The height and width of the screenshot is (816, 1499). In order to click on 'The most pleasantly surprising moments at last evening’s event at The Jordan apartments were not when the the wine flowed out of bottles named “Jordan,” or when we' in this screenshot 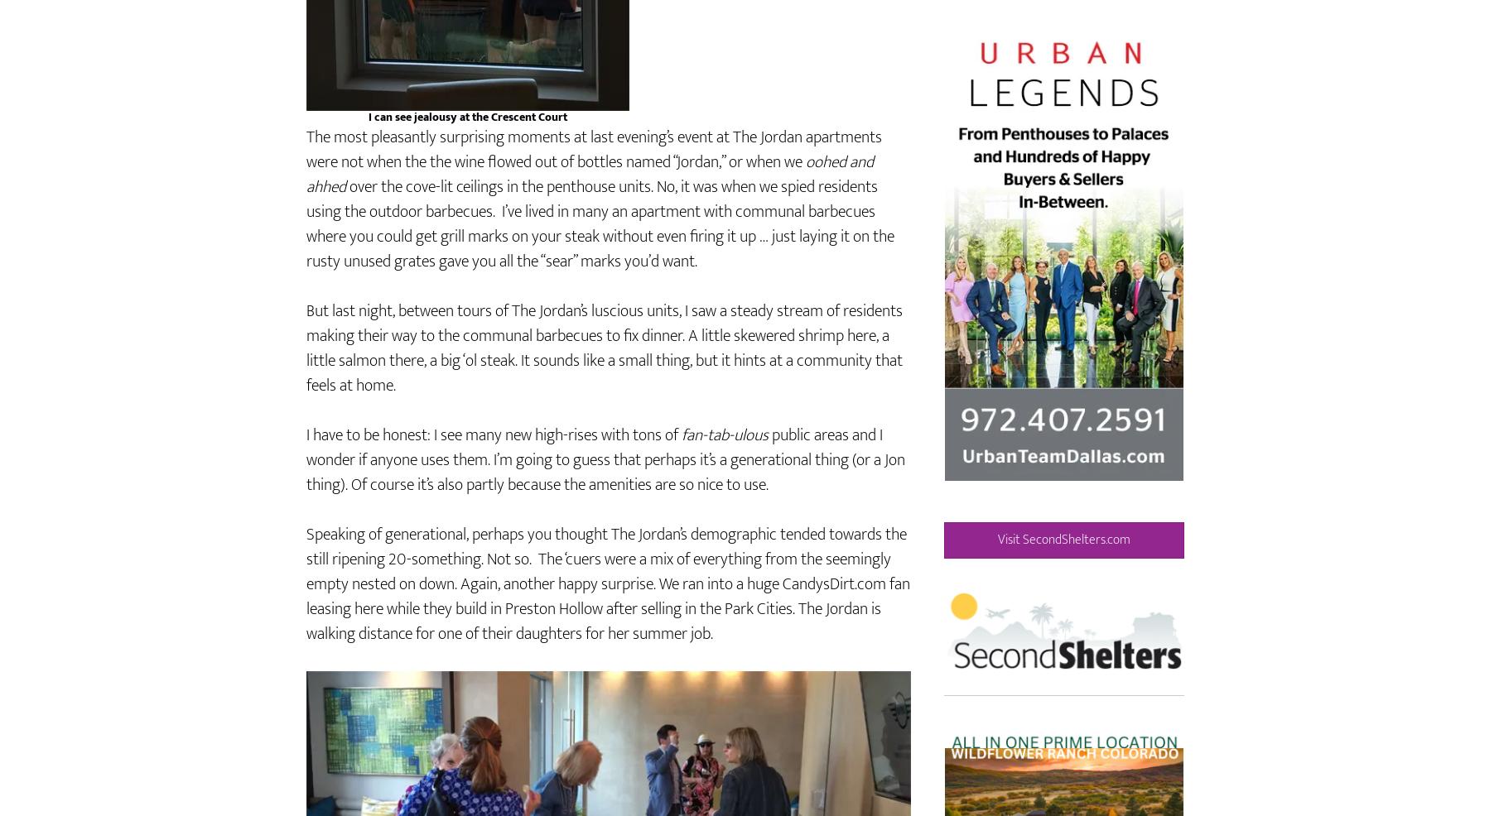, I will do `click(593, 197)`.